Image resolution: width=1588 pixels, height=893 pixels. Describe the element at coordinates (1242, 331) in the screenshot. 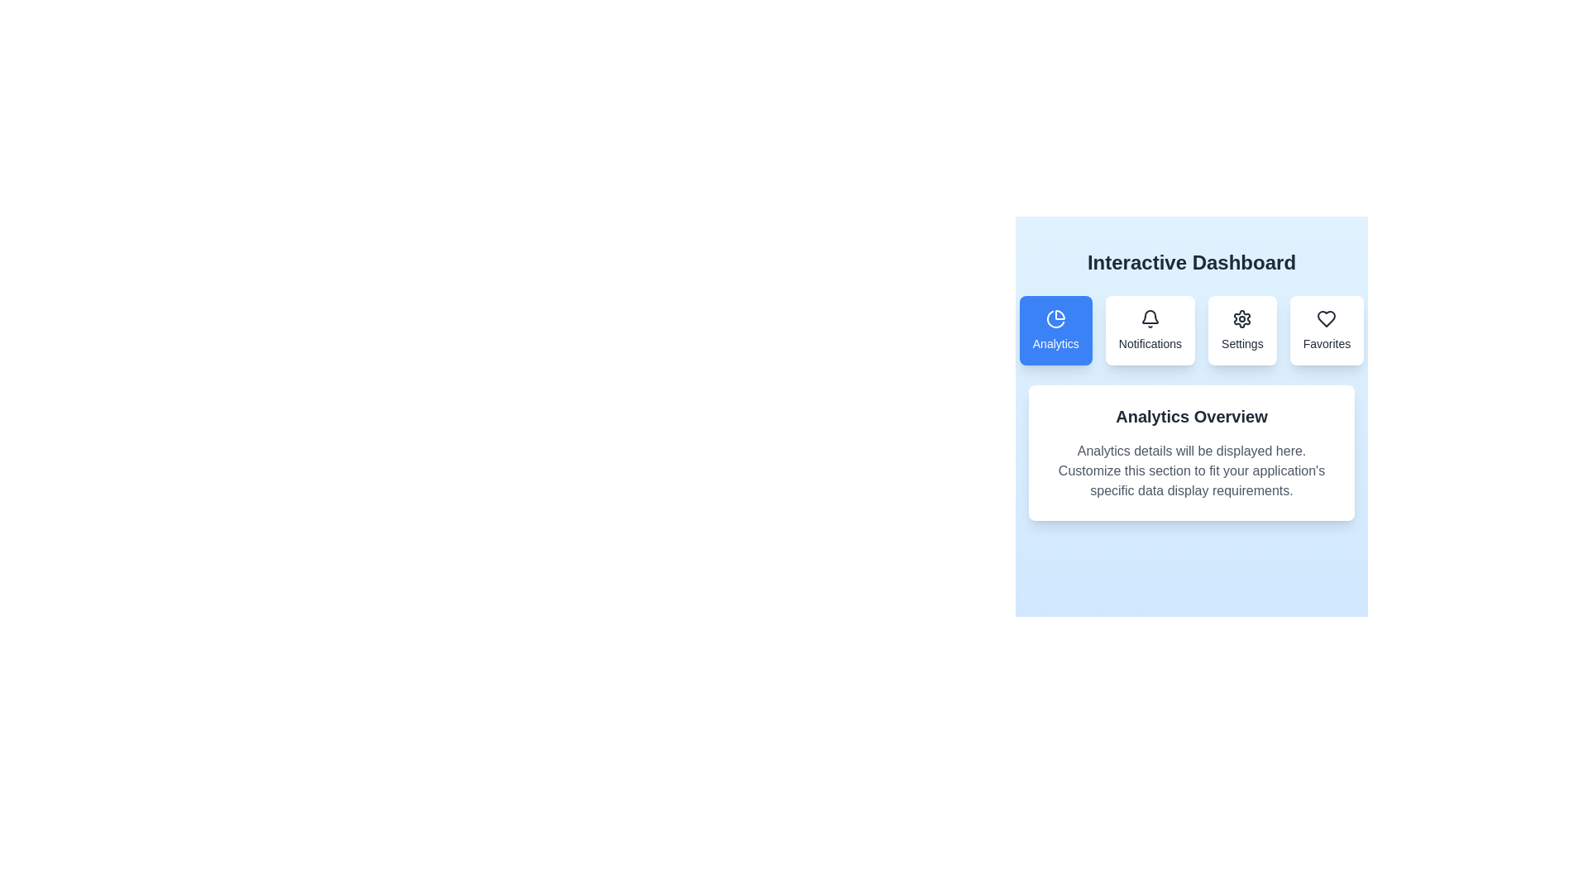

I see `the 'Settings' button, which features a gear icon and a text label, to change its style` at that location.